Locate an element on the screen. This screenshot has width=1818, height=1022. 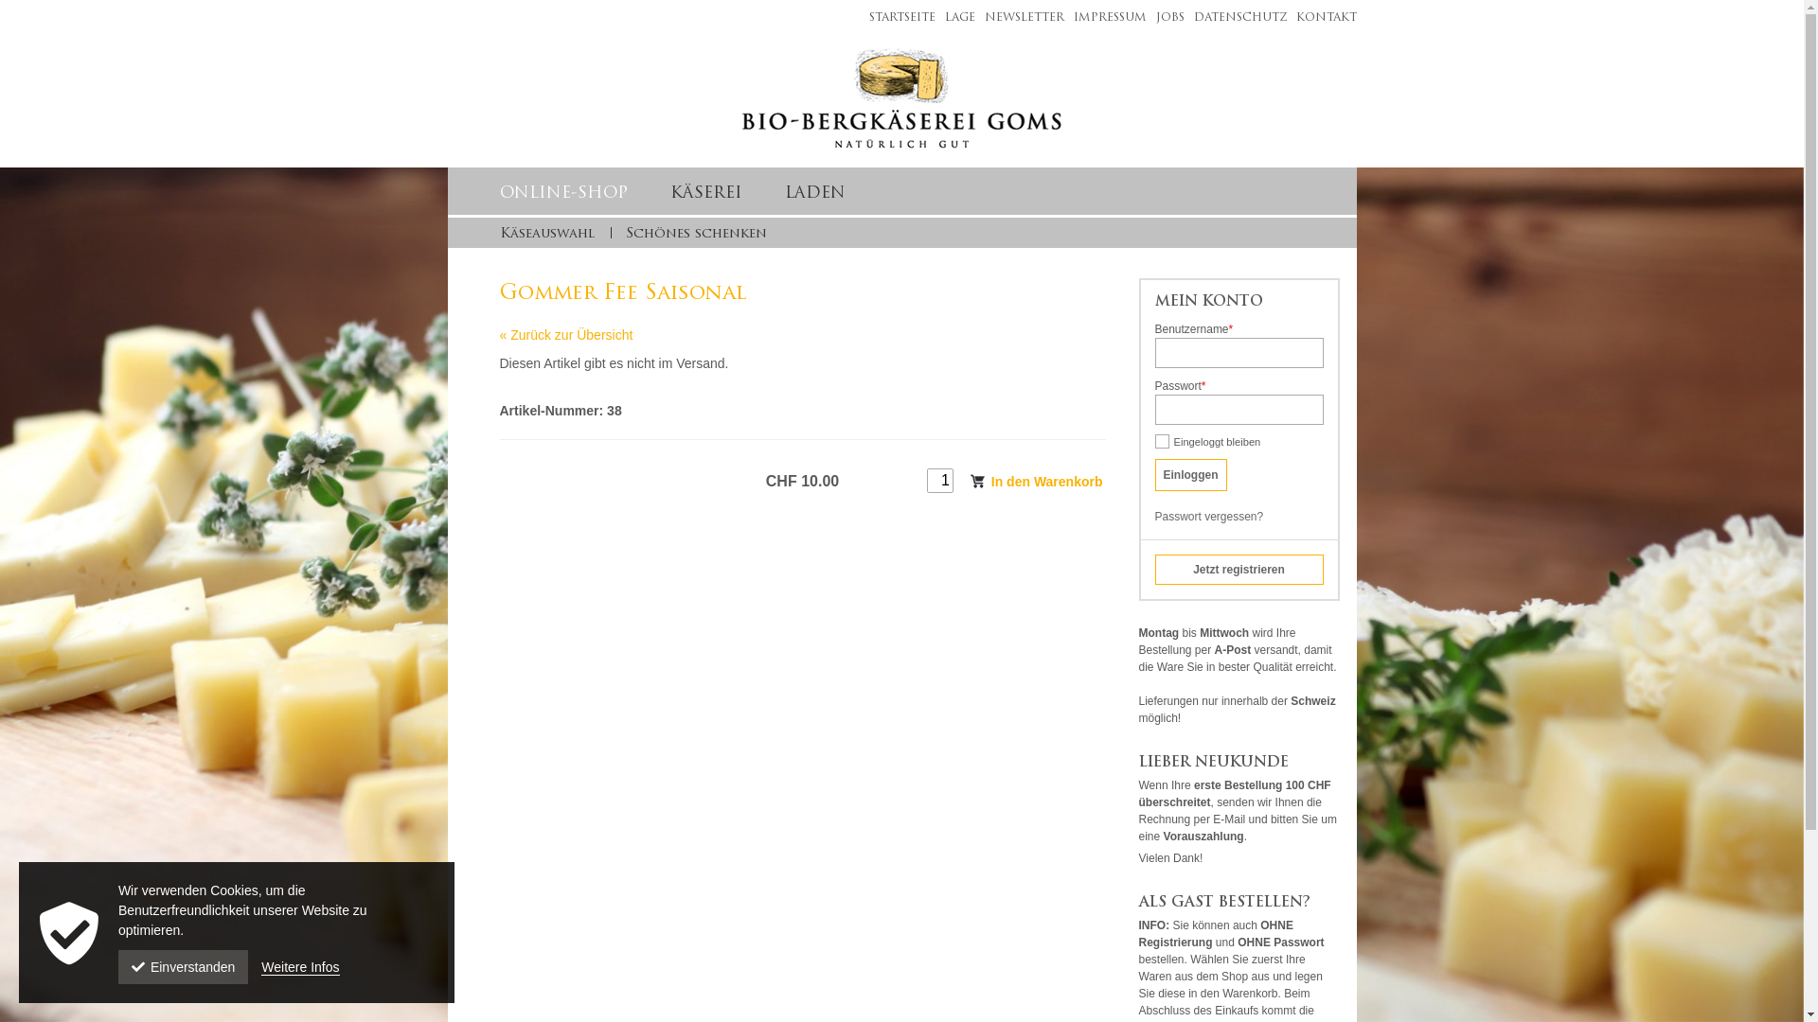
'STARTSEITE' is located at coordinates (896, 18).